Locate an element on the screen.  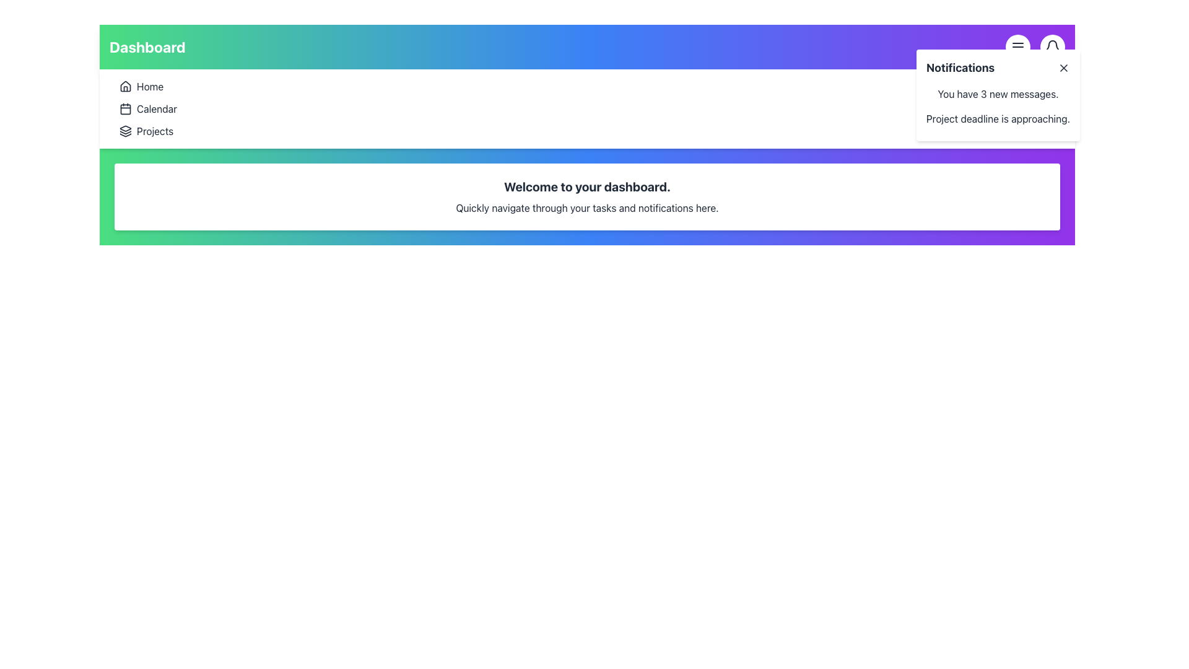
the house icon located to the left of the 'Home' text under the 'Dashboard' heading is located at coordinates (125, 85).